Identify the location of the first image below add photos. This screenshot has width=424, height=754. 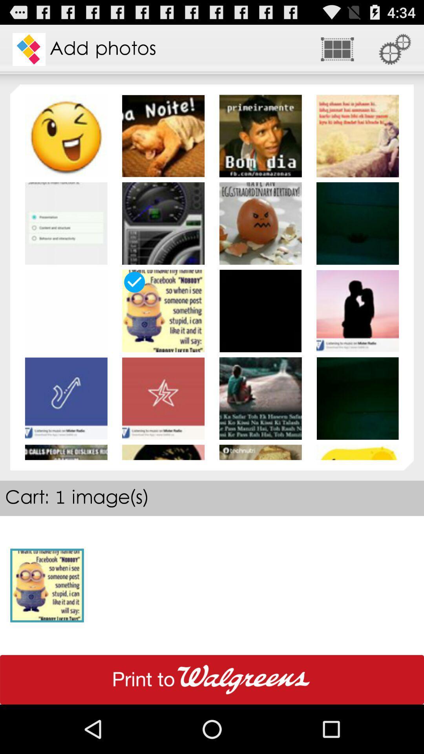
(66, 136).